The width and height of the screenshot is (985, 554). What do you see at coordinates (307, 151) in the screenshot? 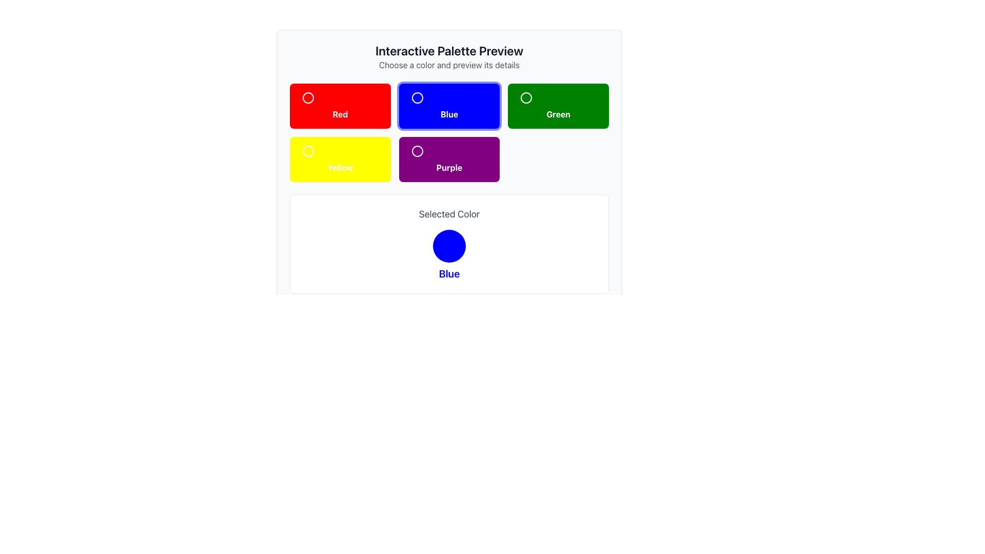
I see `the yellow color selector icon located in the upper central part of the layout within the color palette interface` at bounding box center [307, 151].